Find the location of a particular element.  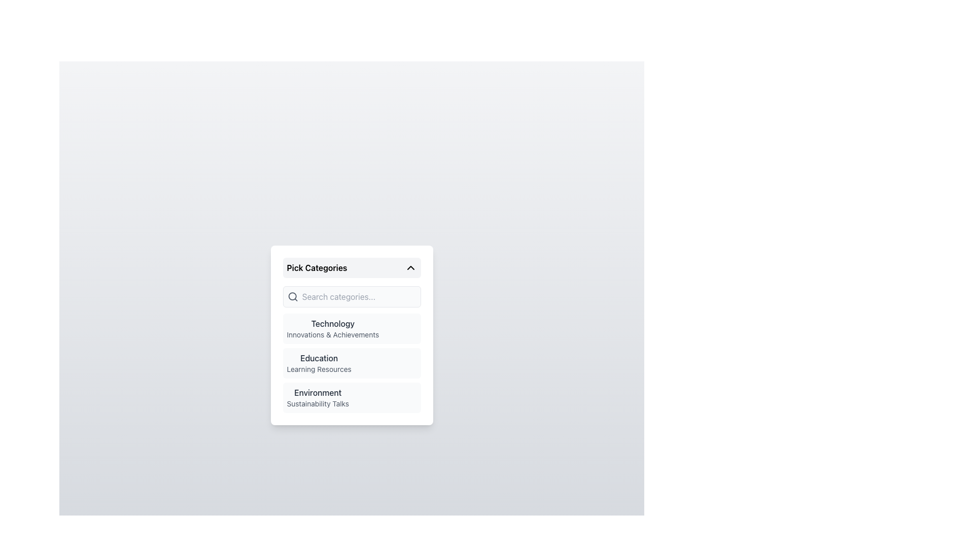

the second category list item labeled 'Education and Learning Resources' is located at coordinates (352, 363).